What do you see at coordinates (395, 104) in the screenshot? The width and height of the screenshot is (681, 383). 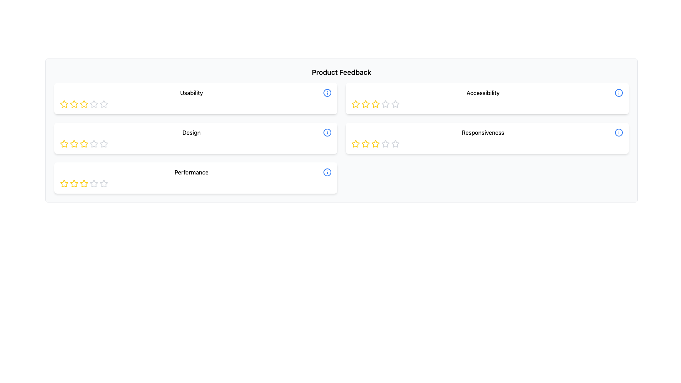 I see `the fourth star icon in the Accessibility feedback section, which represents a star rating` at bounding box center [395, 104].